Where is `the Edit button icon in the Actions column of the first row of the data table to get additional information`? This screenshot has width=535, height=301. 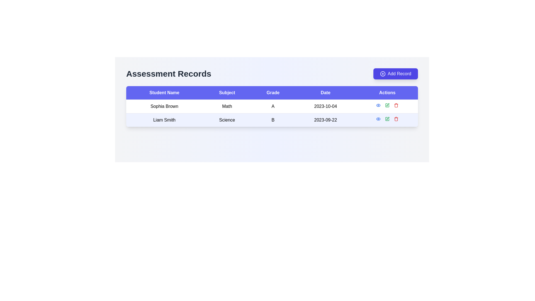
the Edit button icon in the Actions column of the first row of the data table to get additional information is located at coordinates (387, 105).